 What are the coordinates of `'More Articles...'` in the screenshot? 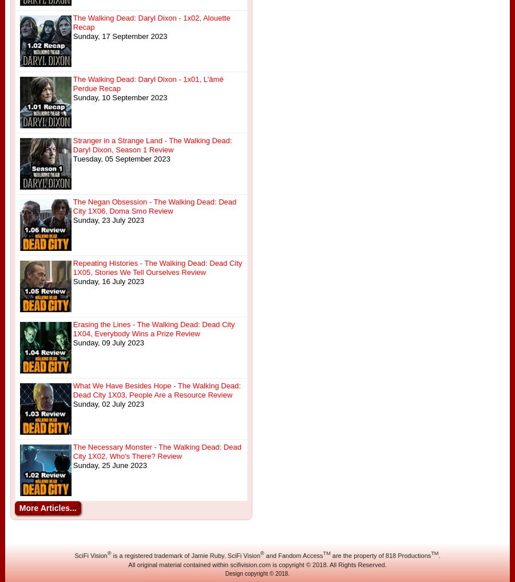 It's located at (18, 508).